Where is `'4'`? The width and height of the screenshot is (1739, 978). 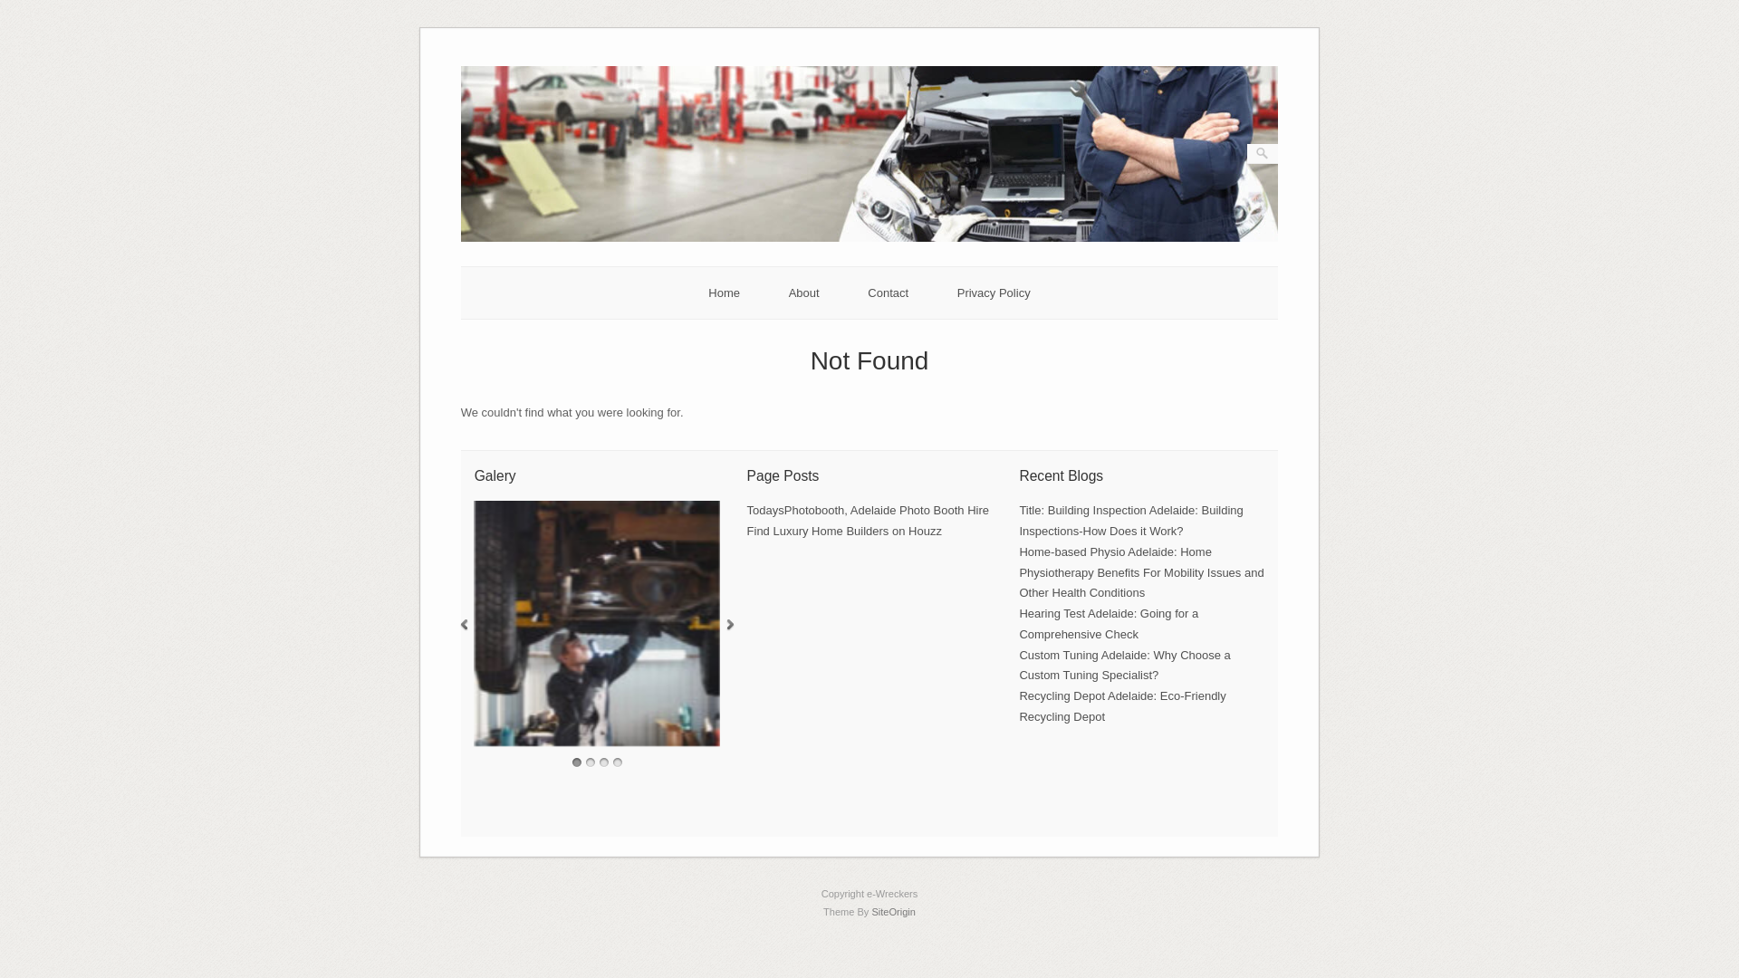 '4' is located at coordinates (617, 762).